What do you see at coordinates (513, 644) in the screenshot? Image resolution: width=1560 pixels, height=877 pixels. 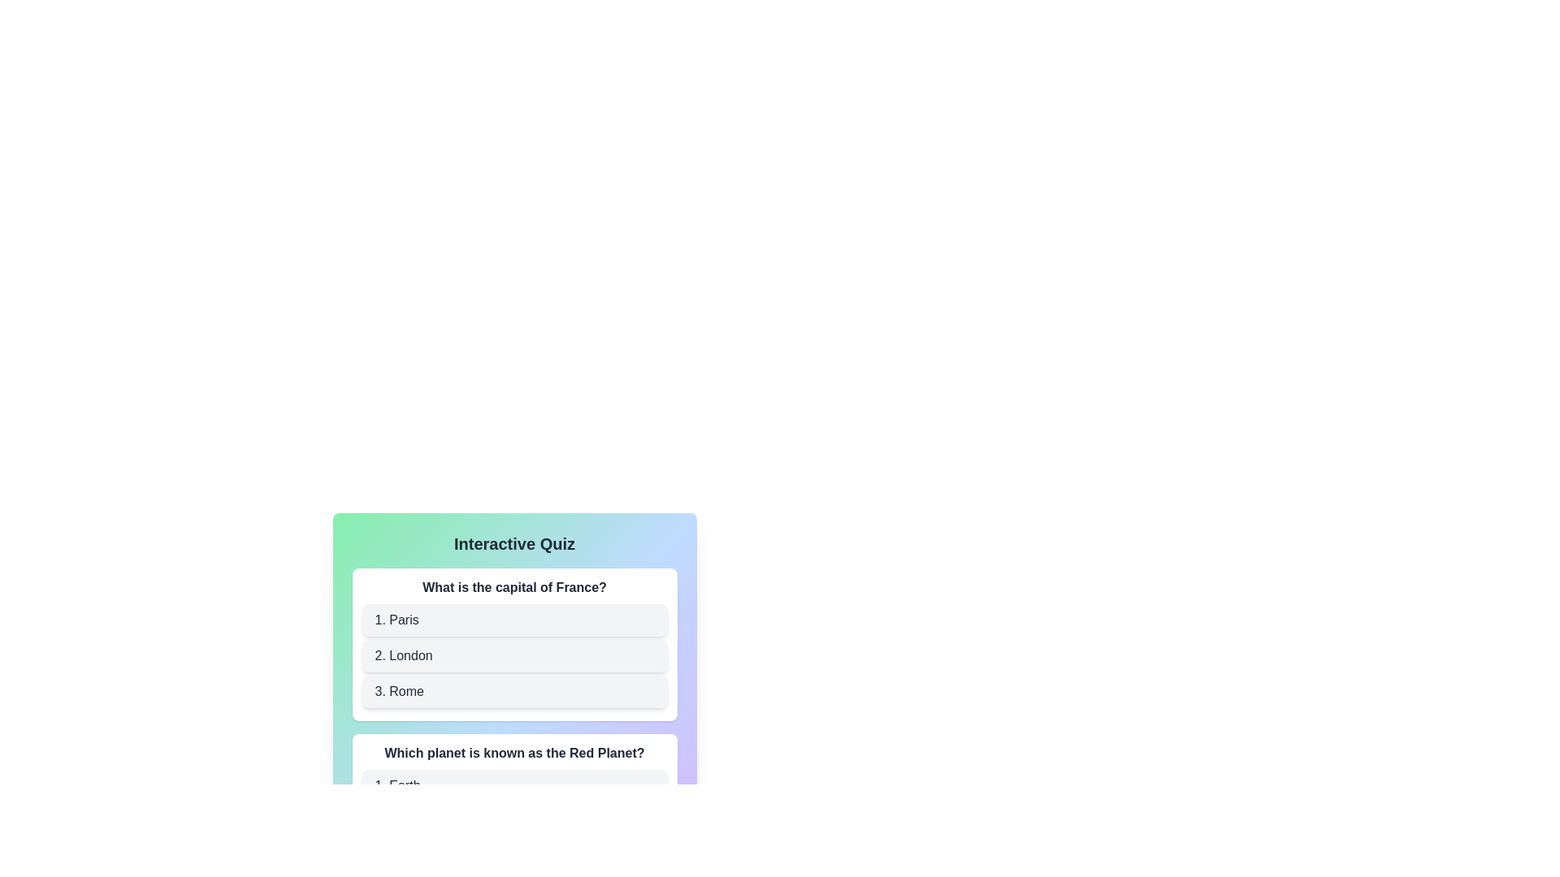 I see `one of the options in the Interactive question card located below the title 'Interactive Quiz'` at bounding box center [513, 644].